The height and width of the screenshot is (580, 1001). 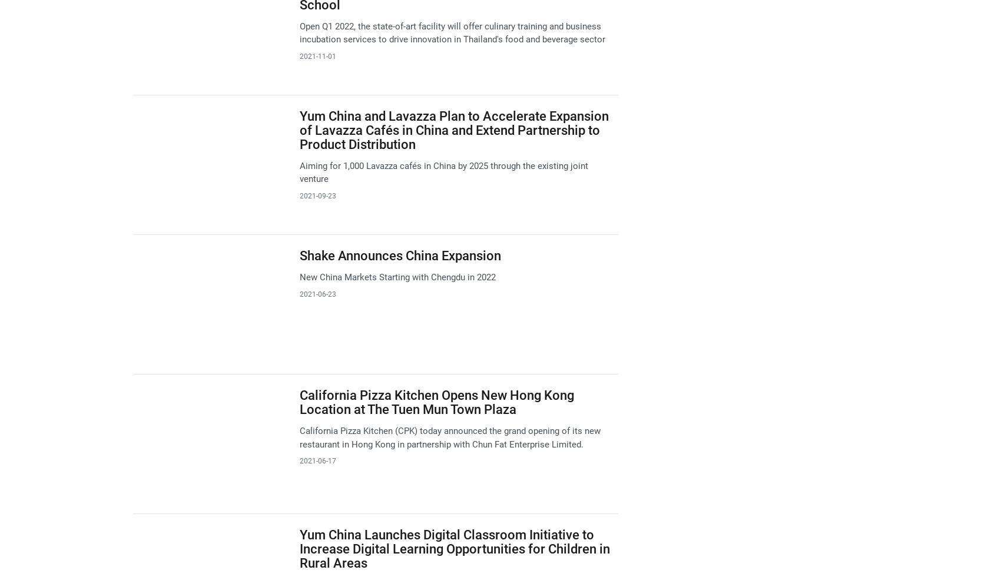 What do you see at coordinates (299, 32) in the screenshot?
I see `'Open Q1 2022, the state-of-art facility will offer culinary training and business incubation services to drive innovation in Thailand's food and beverage sector'` at bounding box center [299, 32].